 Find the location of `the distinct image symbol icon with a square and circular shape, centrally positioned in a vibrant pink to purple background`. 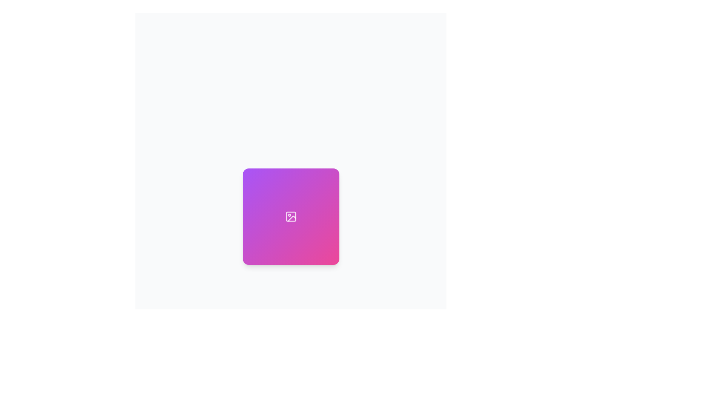

the distinct image symbol icon with a square and circular shape, centrally positioned in a vibrant pink to purple background is located at coordinates (290, 216).